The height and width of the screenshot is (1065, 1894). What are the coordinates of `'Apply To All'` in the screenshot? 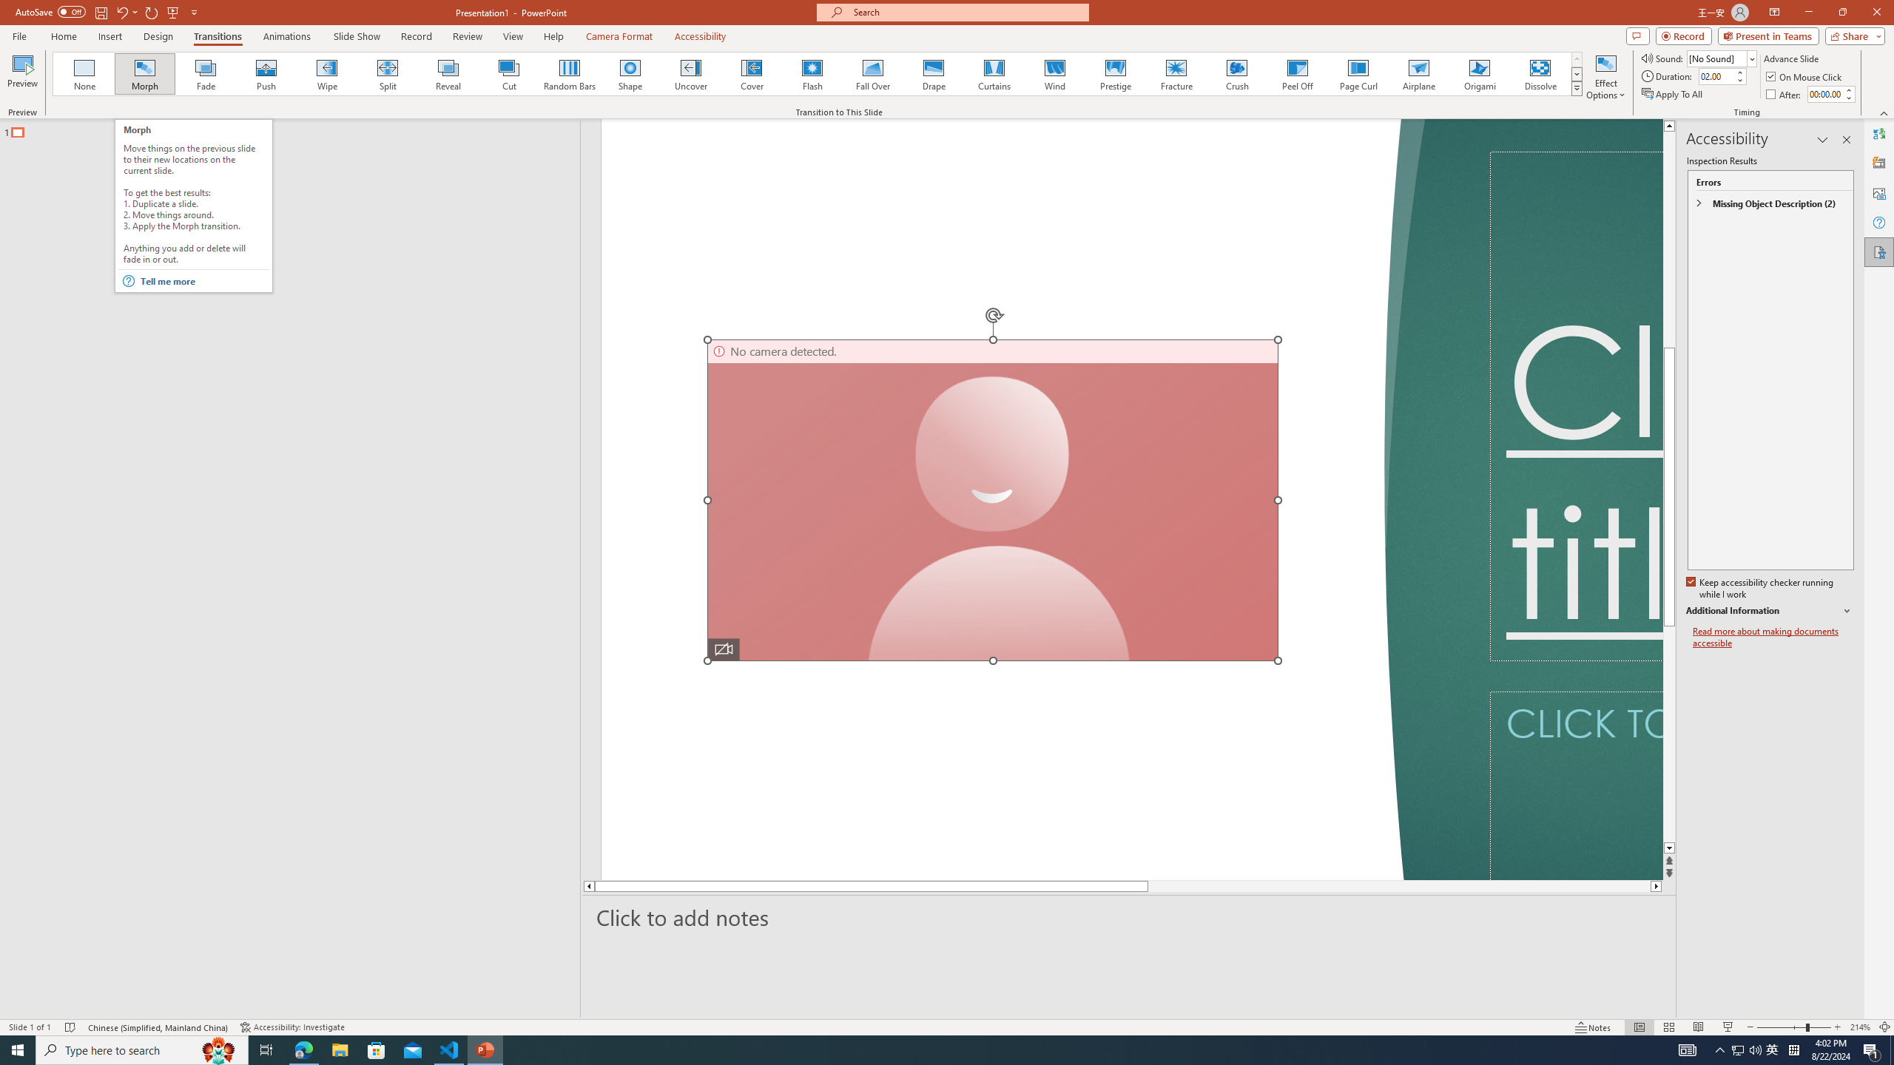 It's located at (1674, 94).